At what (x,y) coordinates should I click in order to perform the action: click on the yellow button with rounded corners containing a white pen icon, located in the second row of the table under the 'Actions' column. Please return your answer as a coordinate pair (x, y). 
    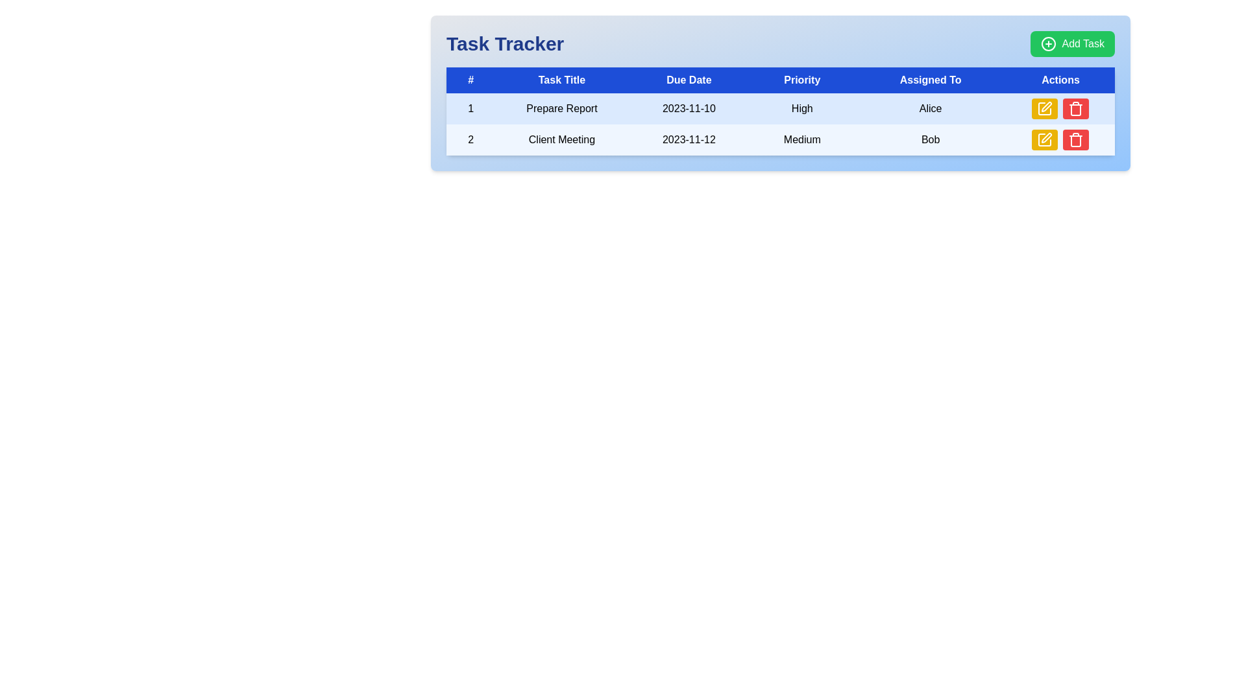
    Looking at the image, I should click on (1044, 140).